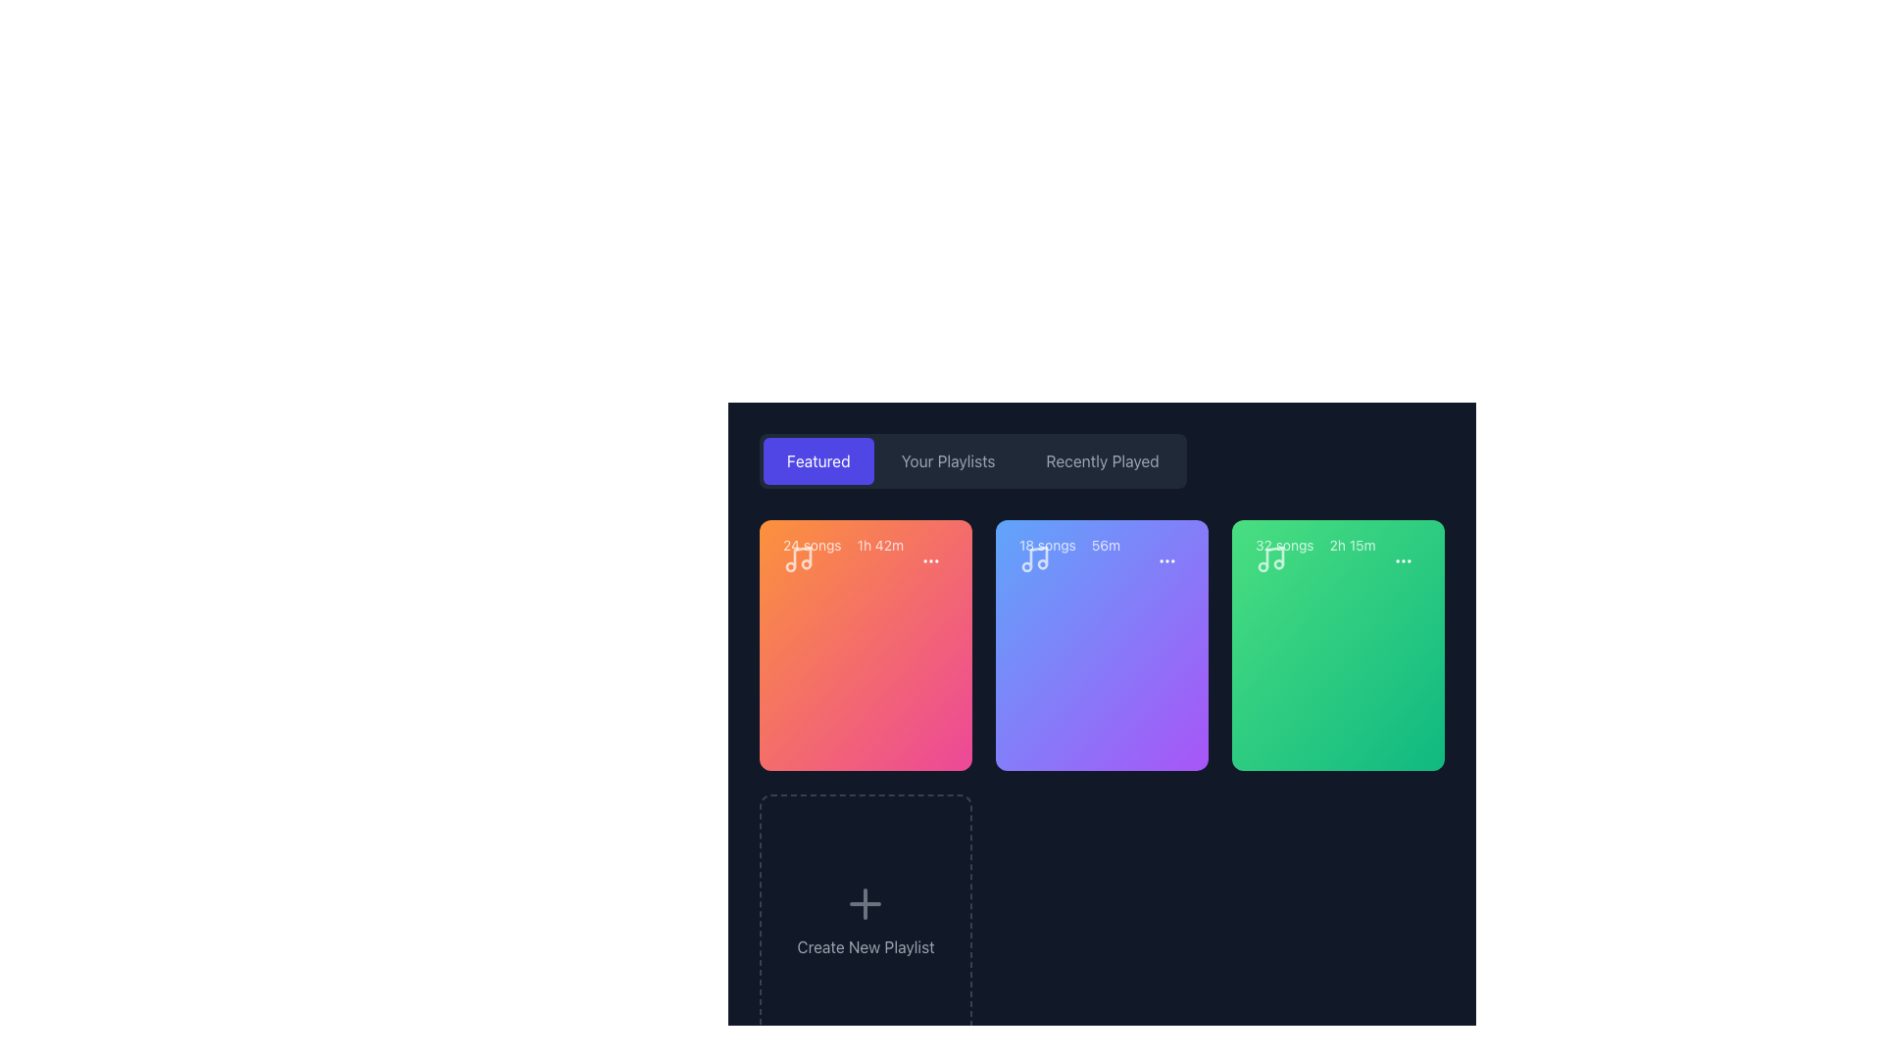  I want to click on the static text displaying '18 songs.' that is located at the upper-left side of the purple gradient card within the second card of featured playlists, so click(1046, 545).